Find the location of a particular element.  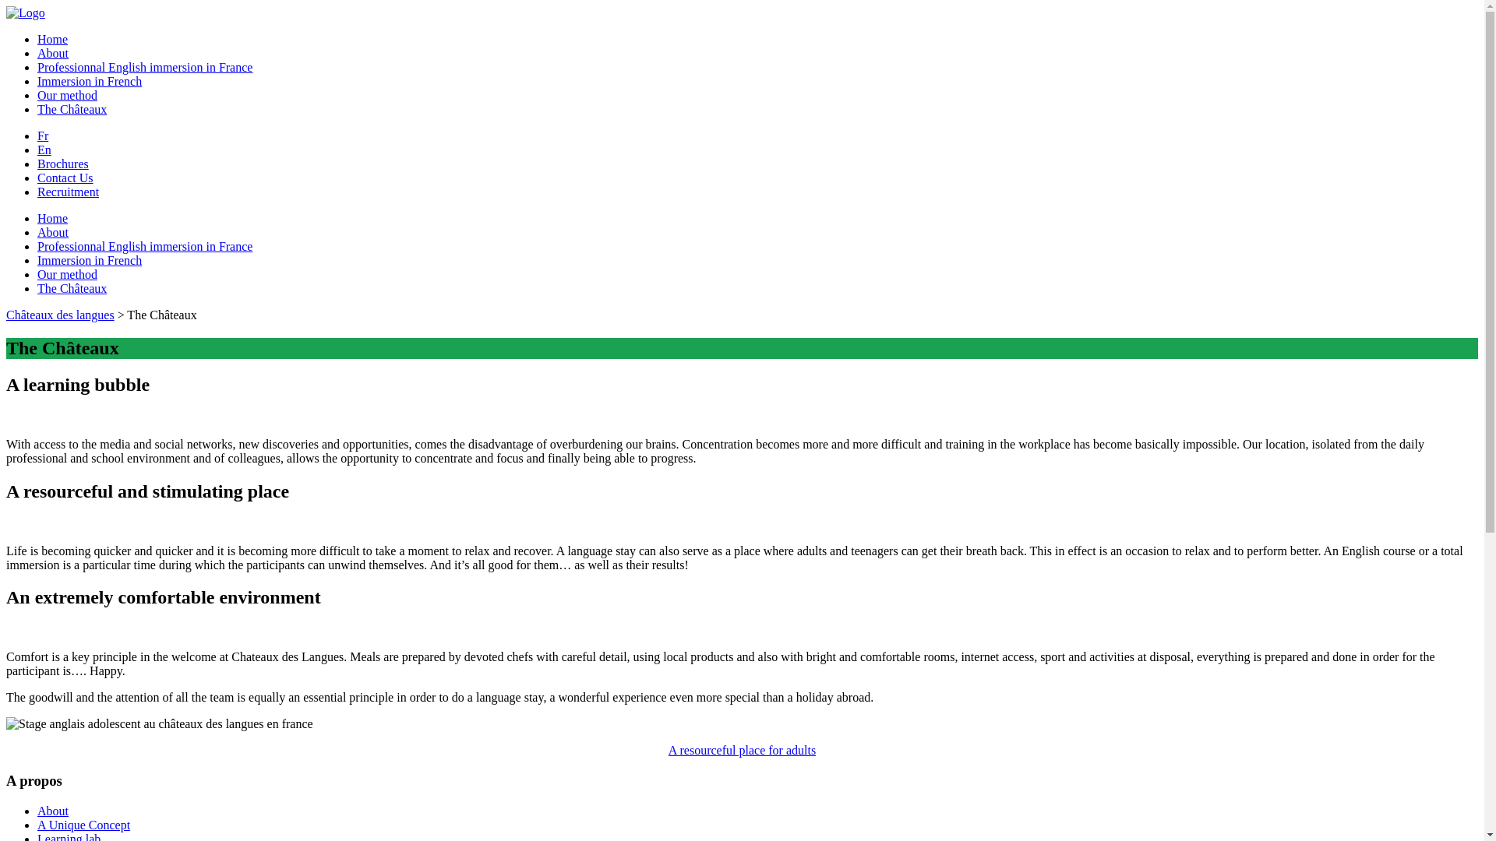

'Immersion in French' is located at coordinates (37, 259).